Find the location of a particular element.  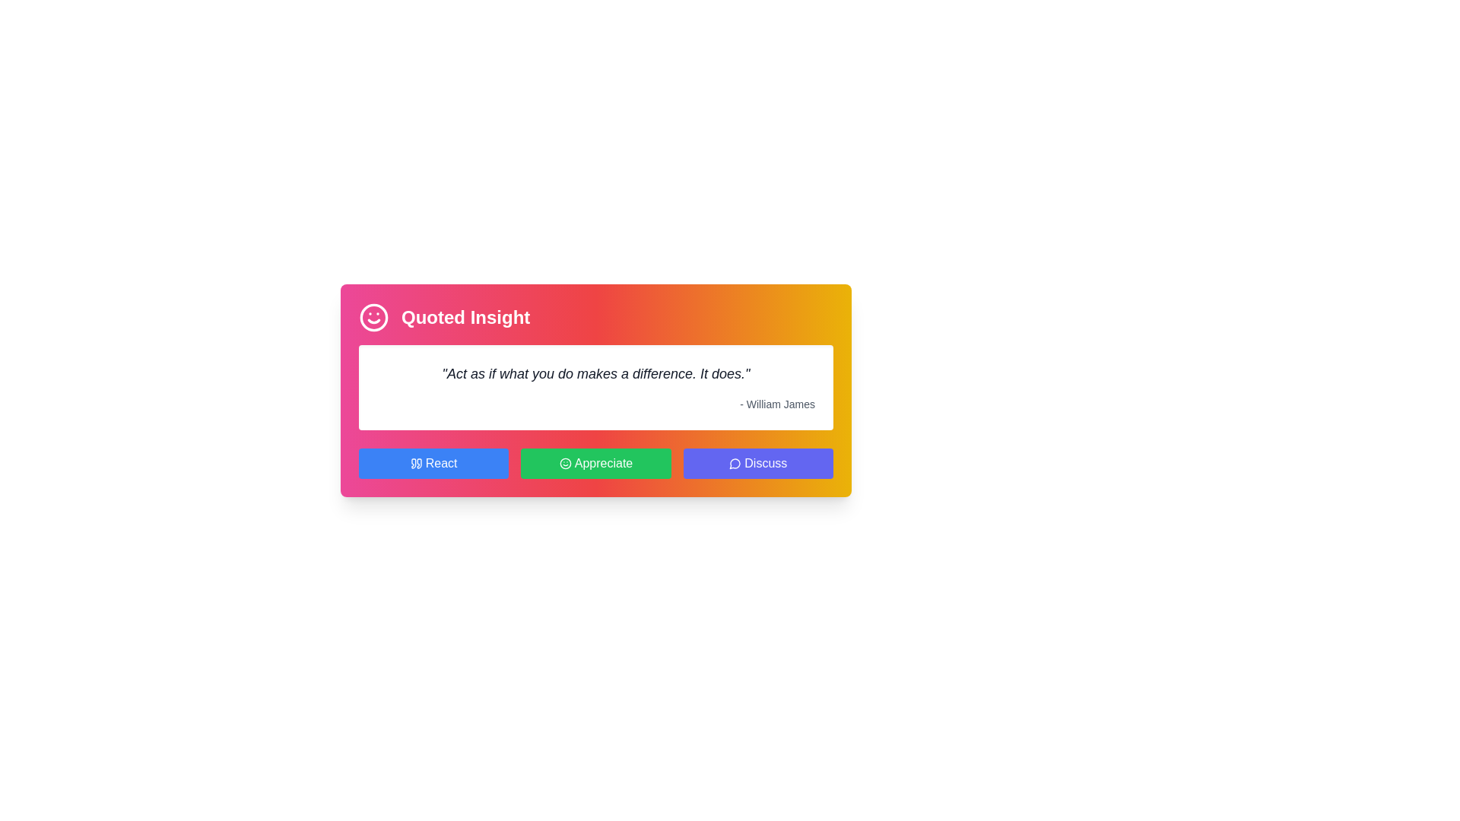

the leftmost blue button labeled 'React' with rounded corners is located at coordinates (433, 462).